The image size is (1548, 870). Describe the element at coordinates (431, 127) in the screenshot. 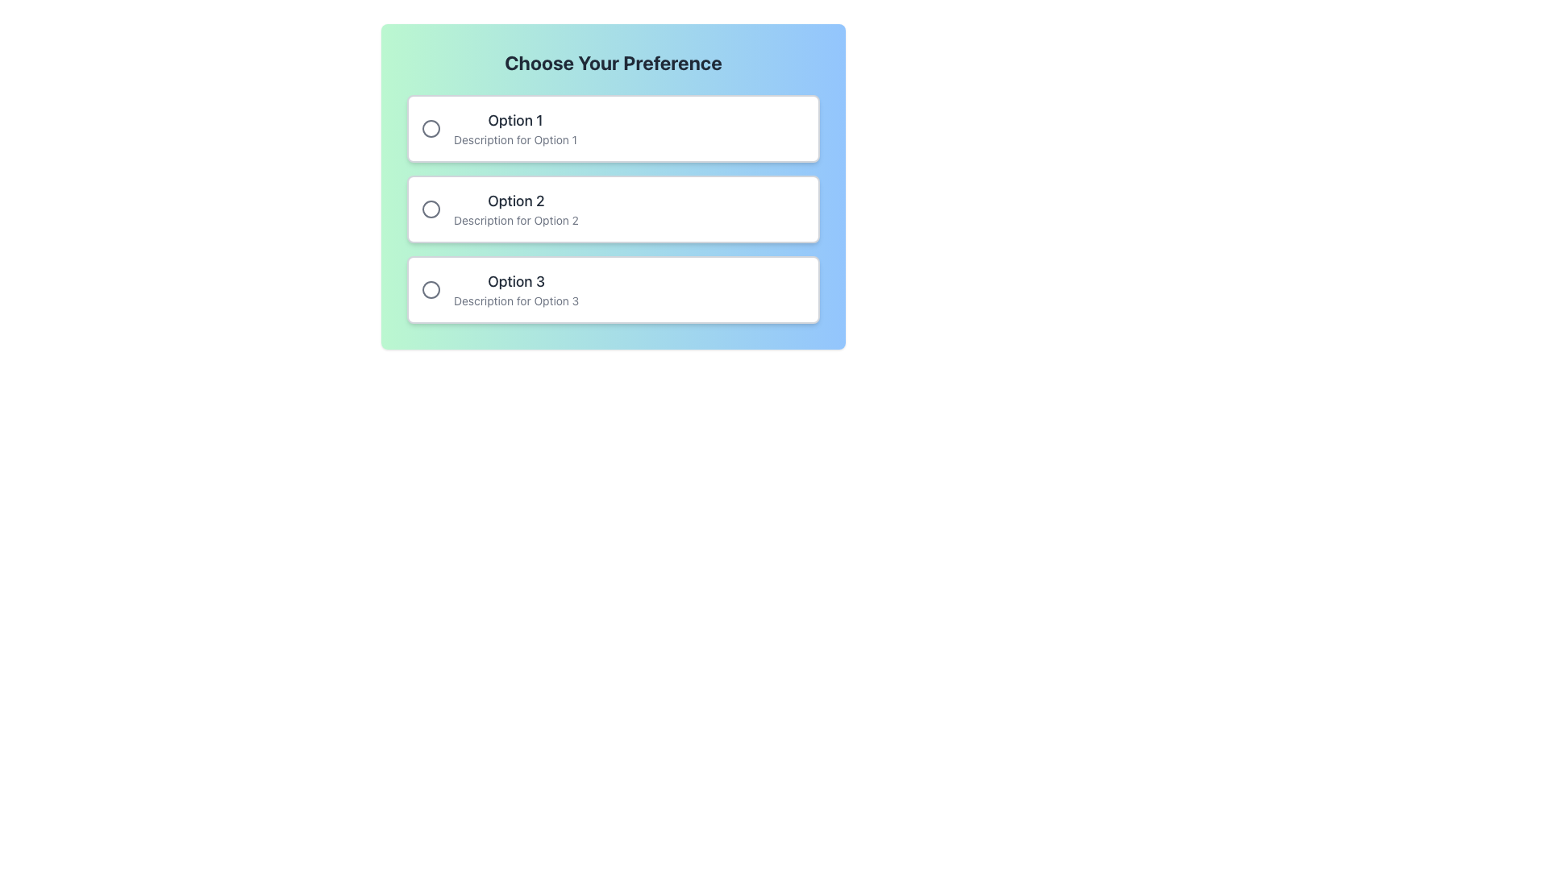

I see `the center of the circular SVG graphic element associated with 'Option 1' in the multiple-choice interface` at that location.